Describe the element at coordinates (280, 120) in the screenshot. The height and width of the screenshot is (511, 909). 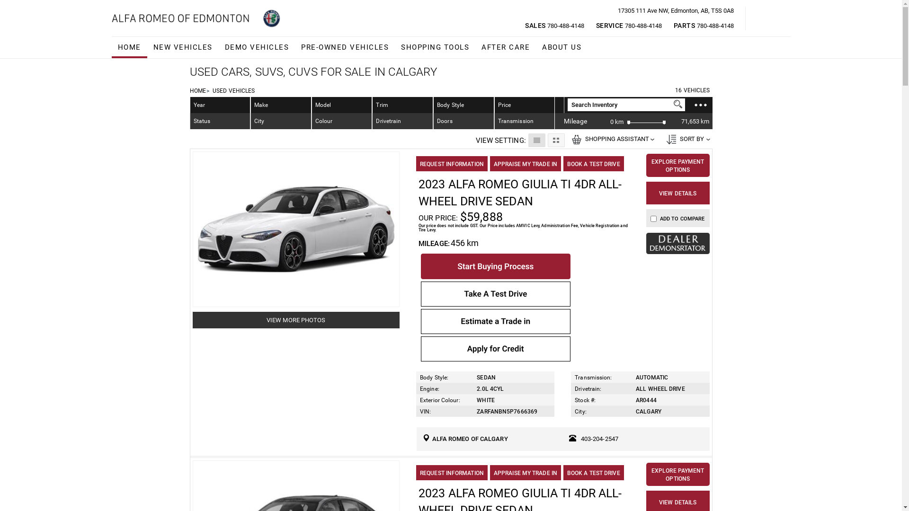
I see `'City'` at that location.